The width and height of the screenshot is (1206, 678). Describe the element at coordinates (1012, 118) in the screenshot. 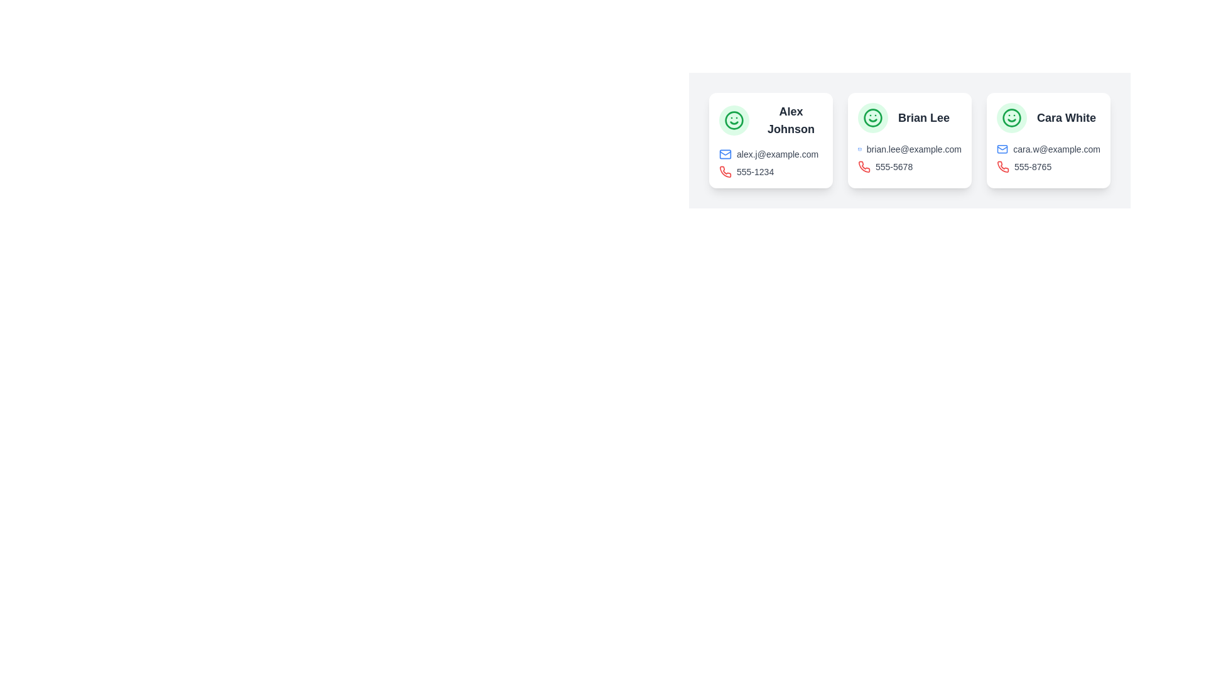

I see `the circular green smiley face icon located in the top-left corner of the 'Cara White' card` at that location.